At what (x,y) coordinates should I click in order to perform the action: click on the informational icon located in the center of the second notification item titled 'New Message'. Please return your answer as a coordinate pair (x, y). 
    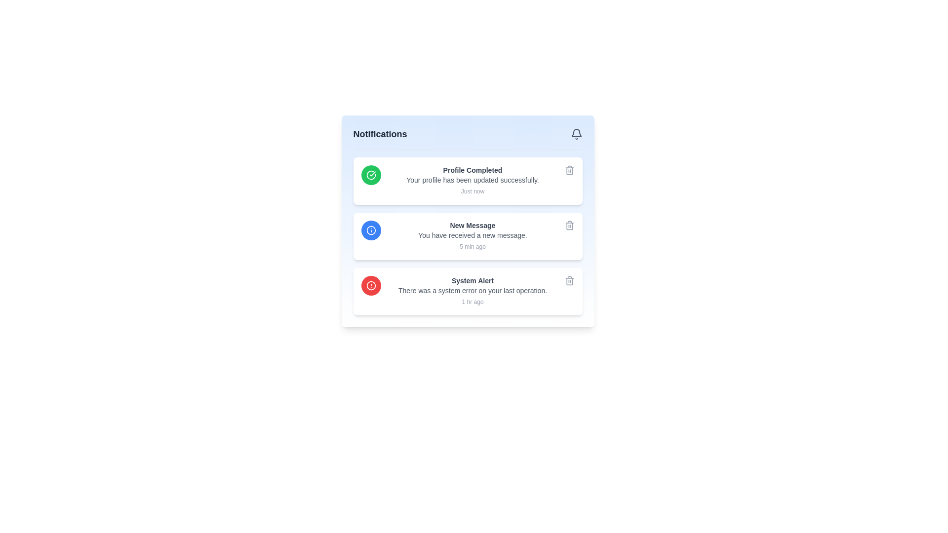
    Looking at the image, I should click on (370, 230).